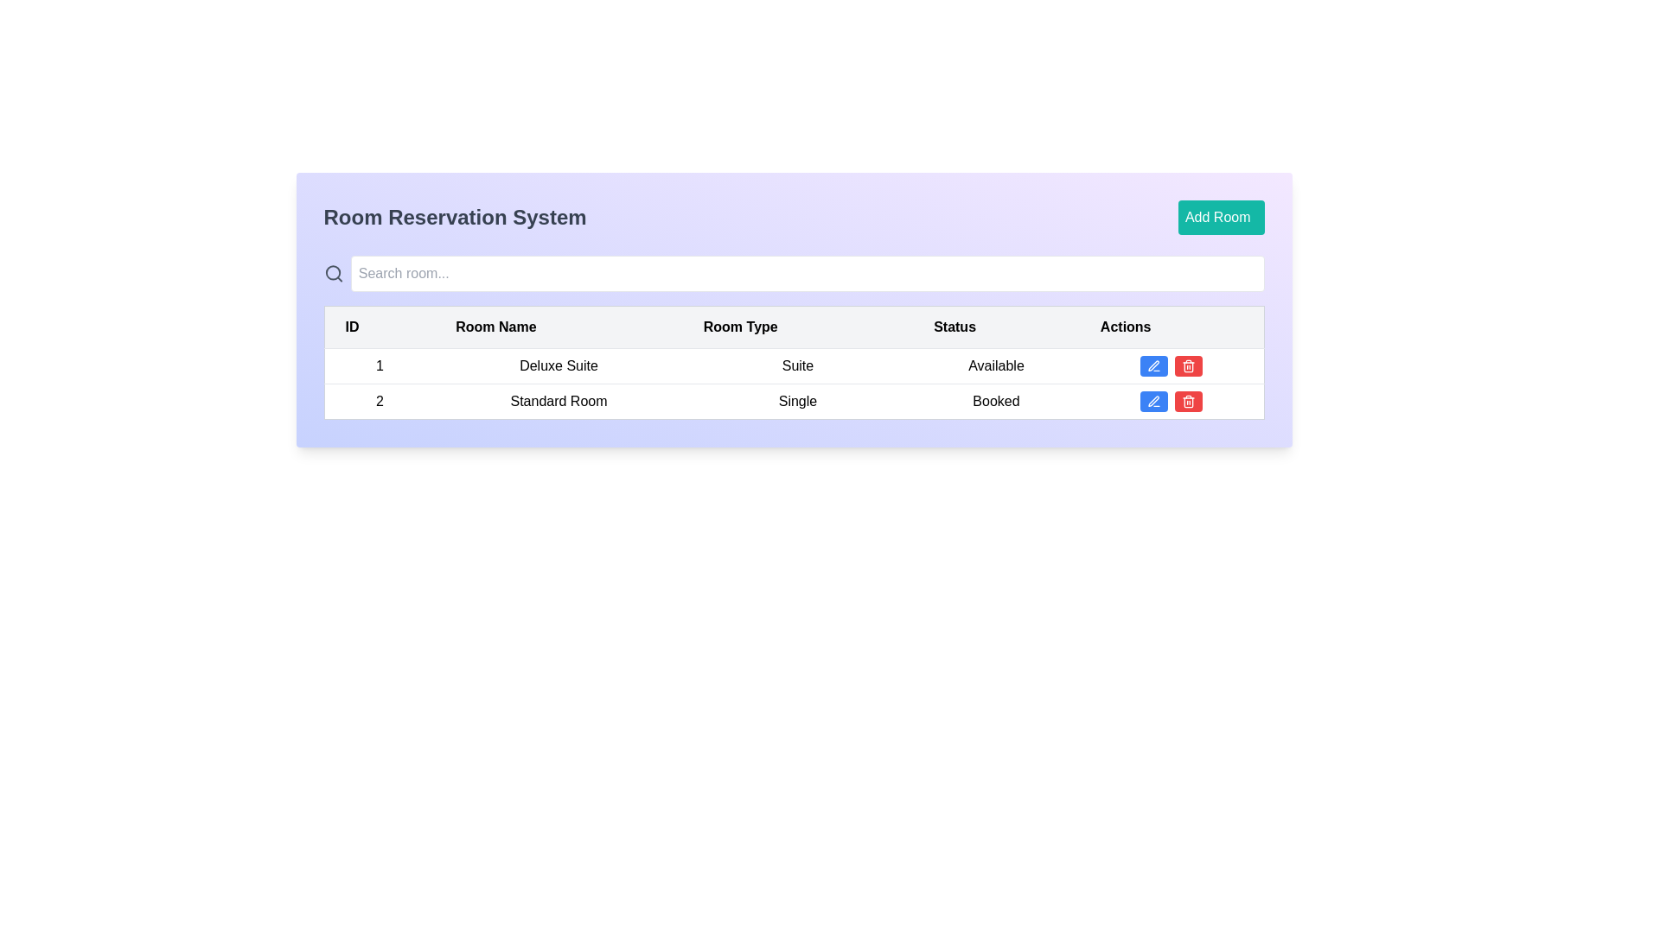 The height and width of the screenshot is (933, 1660). I want to click on the SVG circle that represents the search functionality in the search icon located to the left of the search bar at the top of the UI, so click(333, 272).